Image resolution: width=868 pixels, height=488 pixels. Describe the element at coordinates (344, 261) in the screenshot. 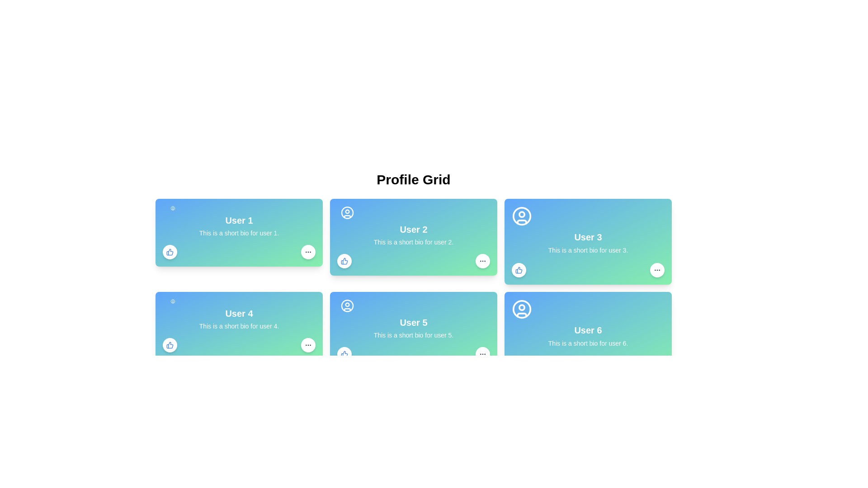

I see `the 'like' button located in the bottom-left corner of the card for 'User 2'` at that location.